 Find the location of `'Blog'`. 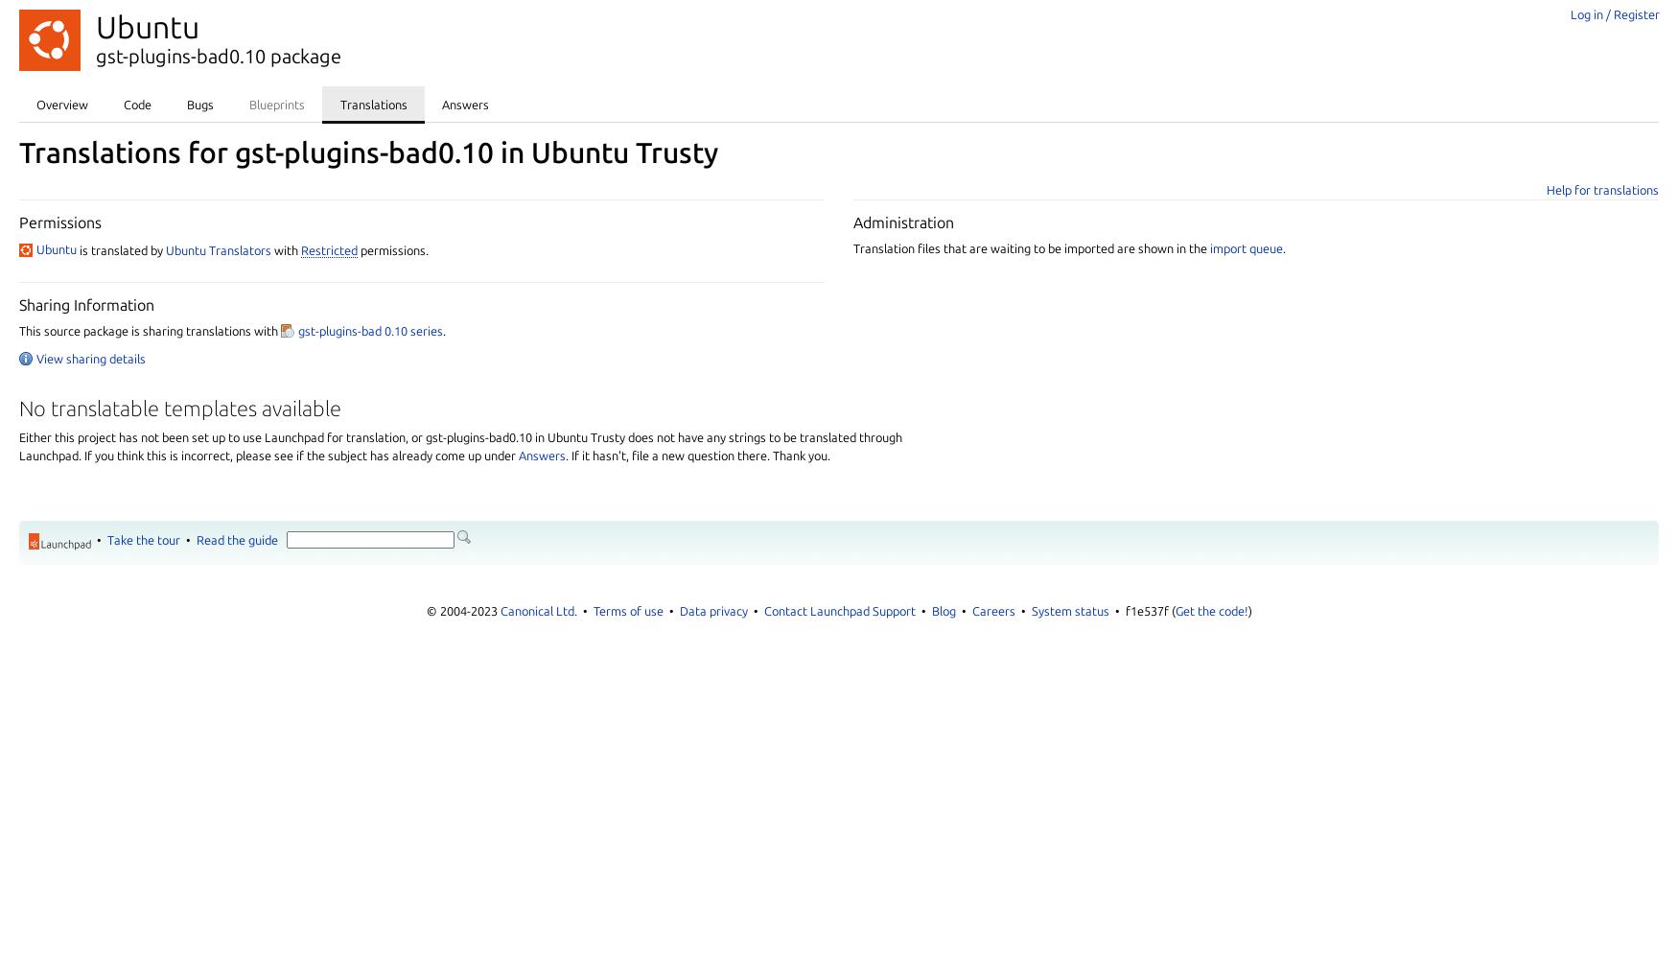

'Blog' is located at coordinates (943, 610).